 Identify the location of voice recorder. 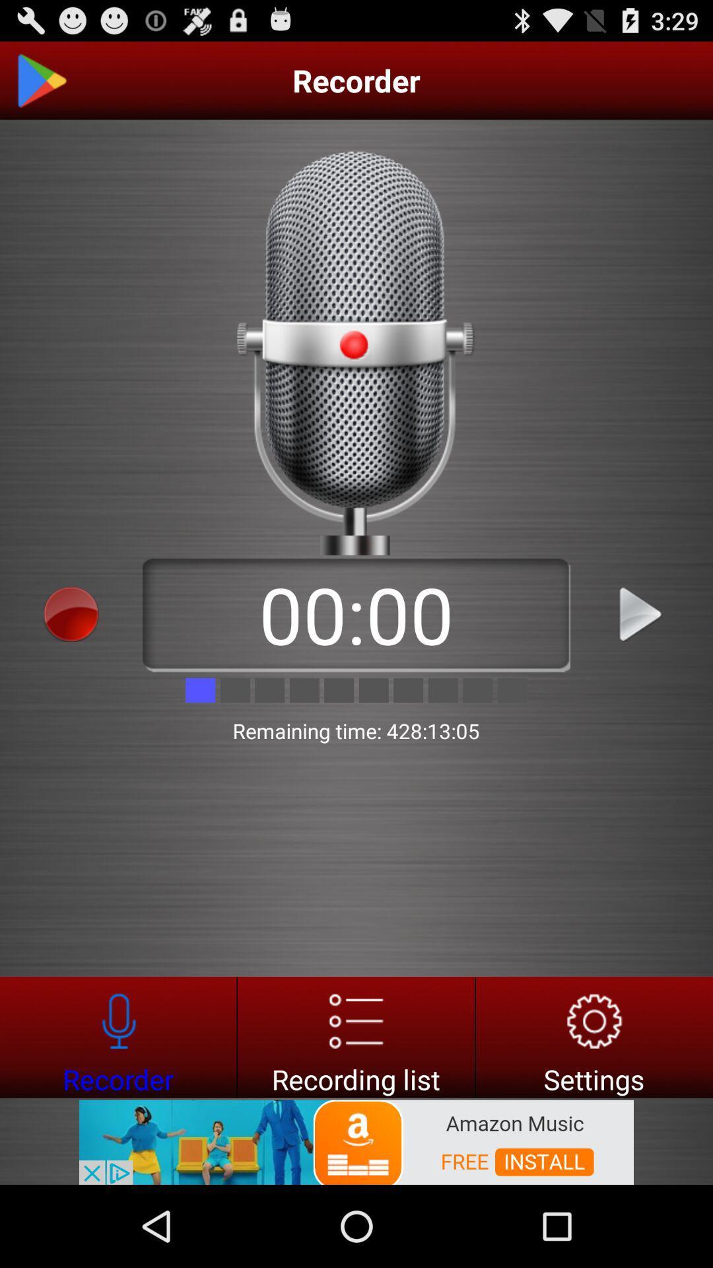
(118, 1036).